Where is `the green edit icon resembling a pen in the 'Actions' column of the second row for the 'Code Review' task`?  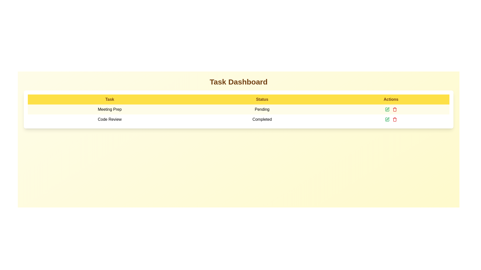 the green edit icon resembling a pen in the 'Actions' column of the second row for the 'Code Review' task is located at coordinates (388, 108).